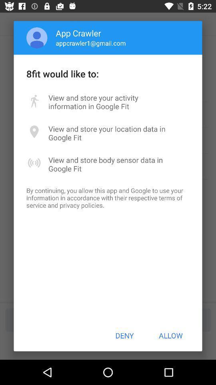 Image resolution: width=216 pixels, height=385 pixels. Describe the element at coordinates (36, 38) in the screenshot. I see `the app to the left of the app crawler` at that location.